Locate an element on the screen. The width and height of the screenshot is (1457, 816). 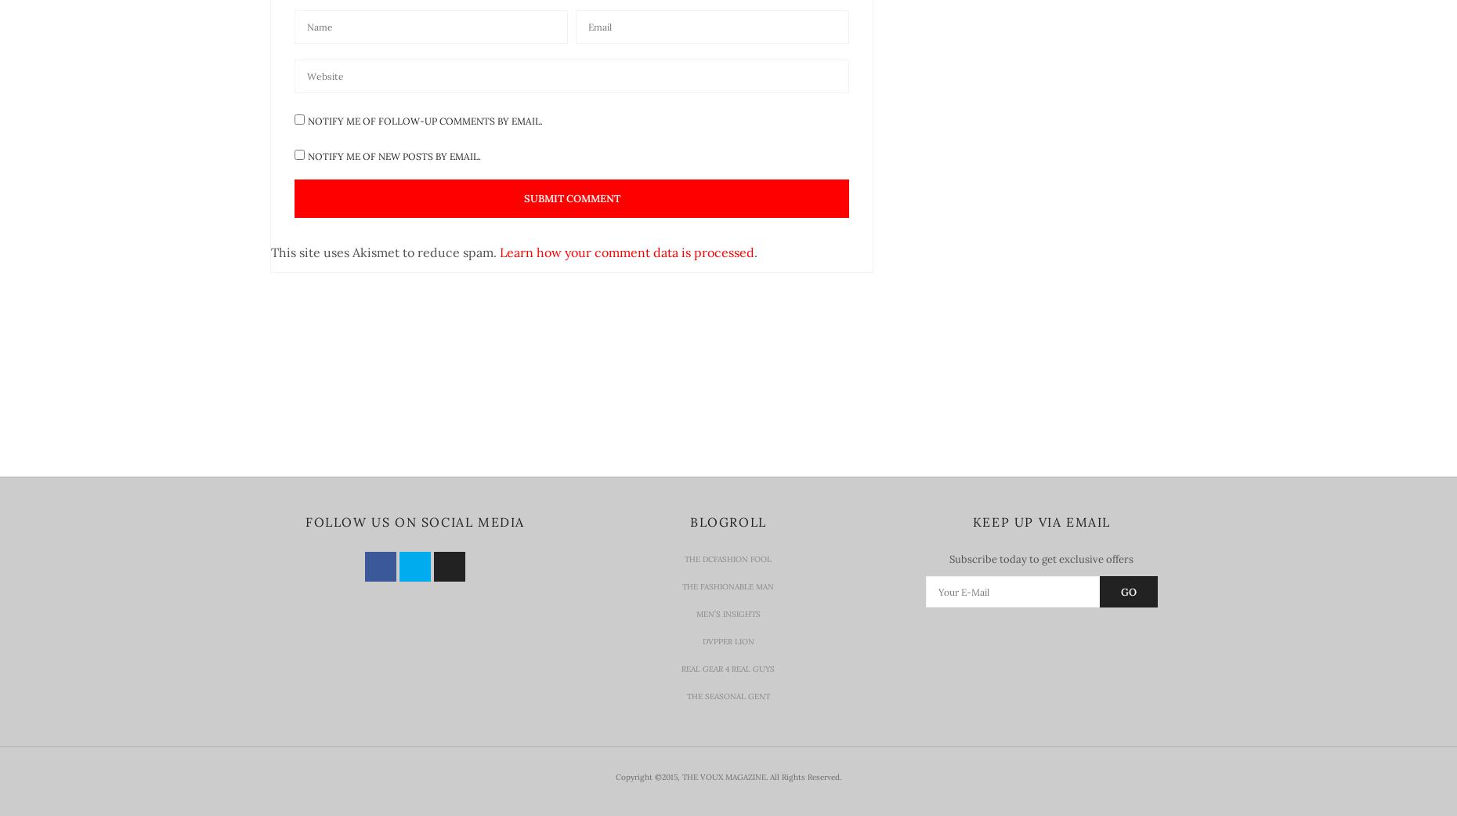
'FOLLOW US ON SOCIAL MEDIA' is located at coordinates (305, 521).